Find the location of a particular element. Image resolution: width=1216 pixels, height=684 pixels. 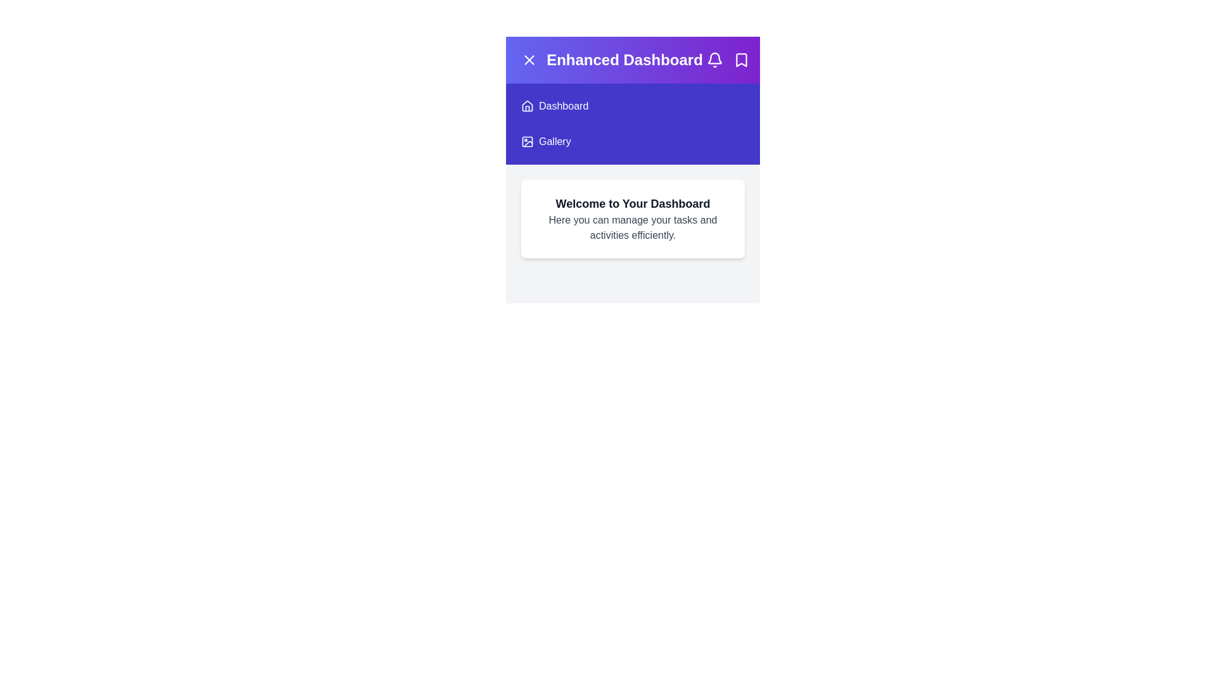

menu button to toggle the menu visibility is located at coordinates (529, 60).